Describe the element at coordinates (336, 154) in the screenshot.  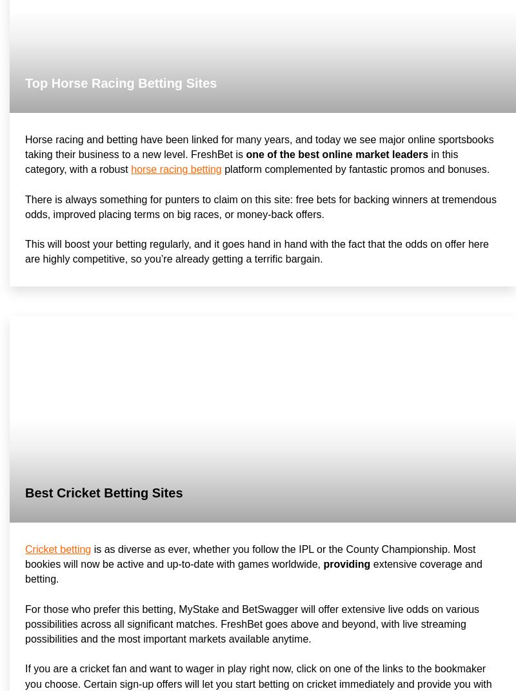
I see `'one of the best online market leaders'` at that location.